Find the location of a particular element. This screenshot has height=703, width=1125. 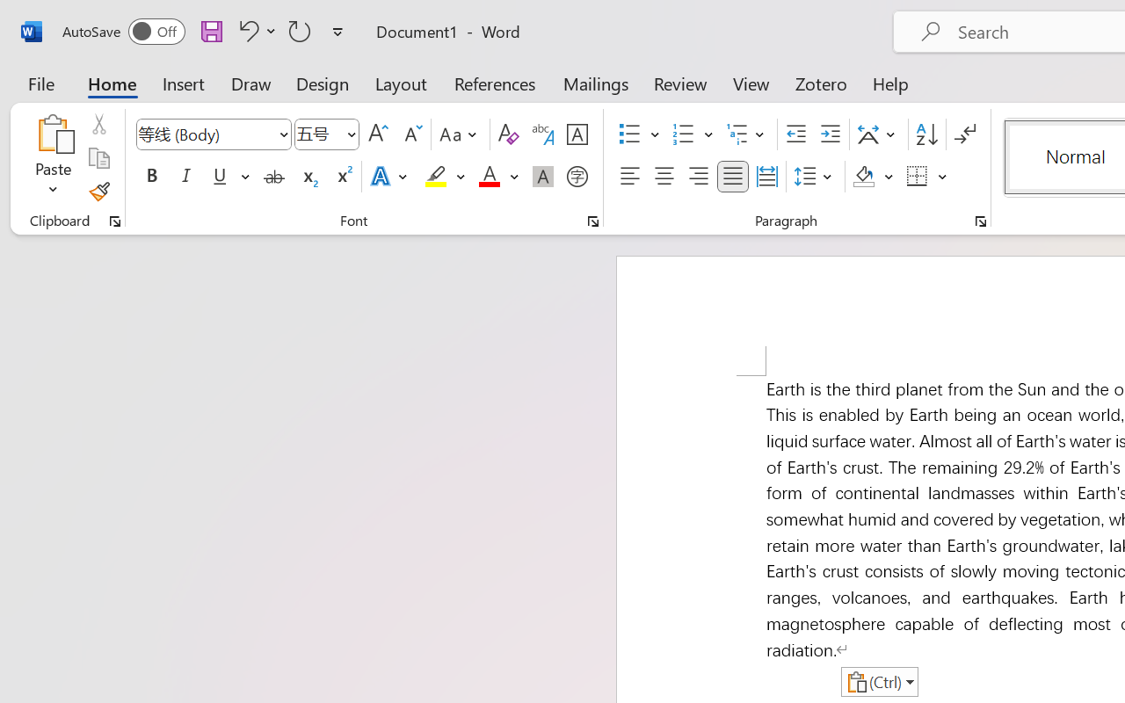

'Copy' is located at coordinates (98, 157).